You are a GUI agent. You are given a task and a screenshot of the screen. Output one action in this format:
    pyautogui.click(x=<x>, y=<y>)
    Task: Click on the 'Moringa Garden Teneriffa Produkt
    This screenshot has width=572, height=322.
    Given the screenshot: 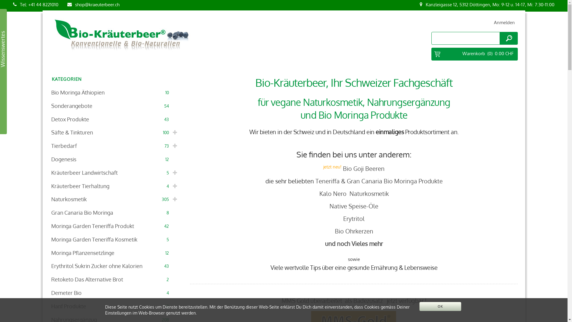 What is the action you would take?
    pyautogui.click(x=115, y=226)
    